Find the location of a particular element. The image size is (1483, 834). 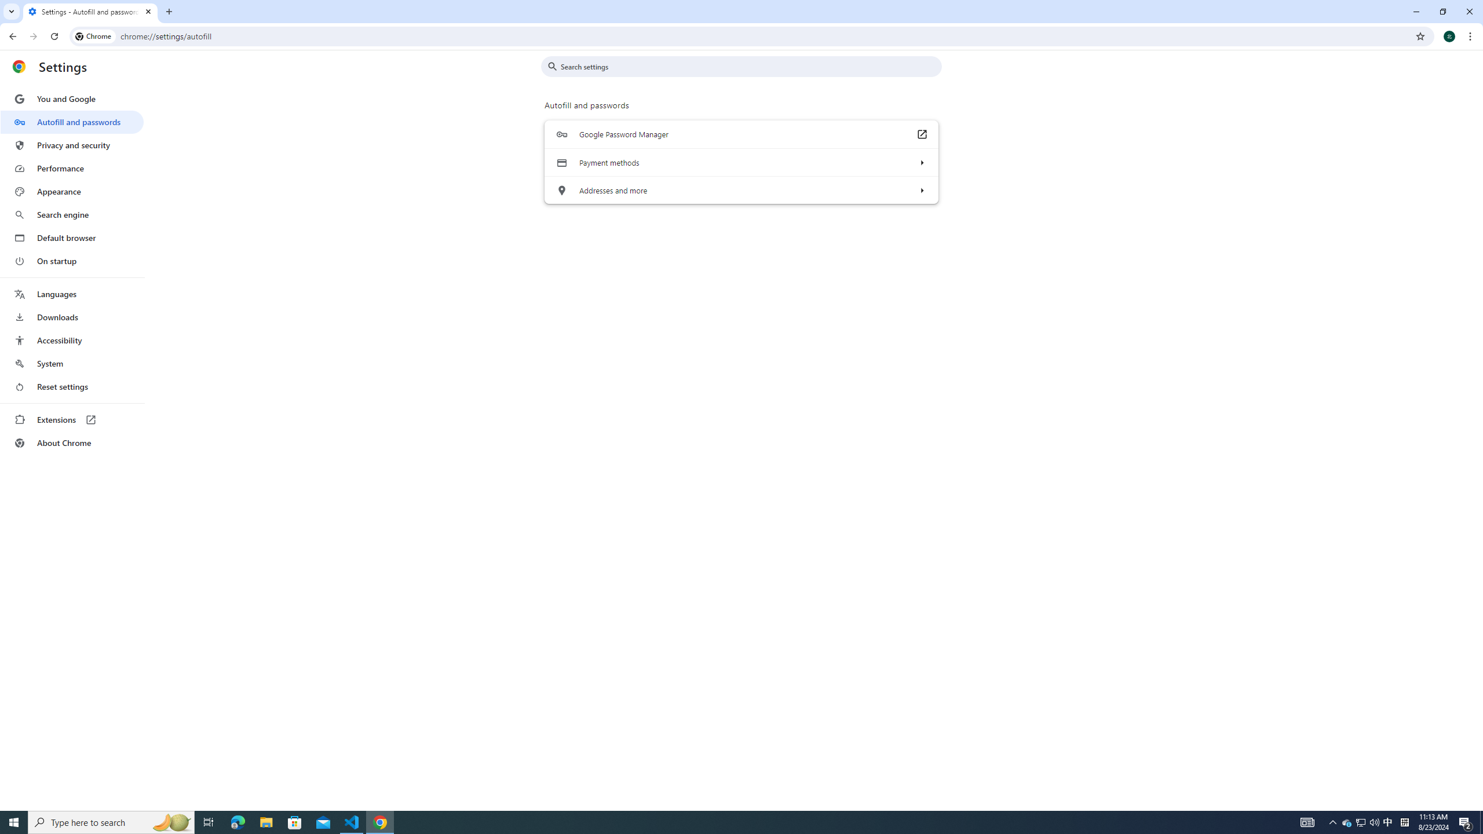

'AutomationID: menu' is located at coordinates (72, 270).